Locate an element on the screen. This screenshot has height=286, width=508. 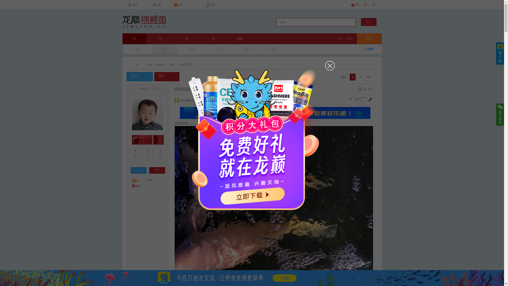
'0' is located at coordinates (147, 150).